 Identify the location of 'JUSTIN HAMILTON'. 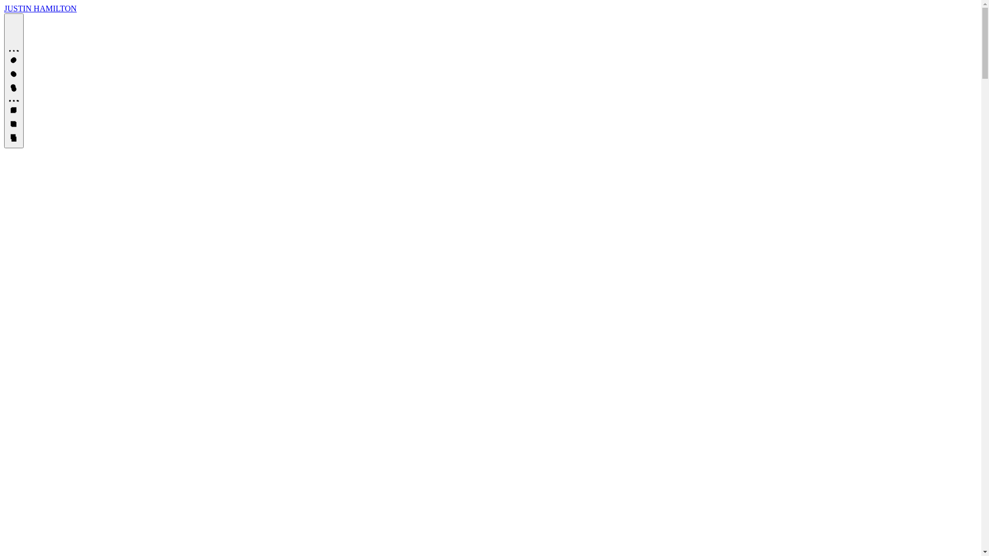
(40, 8).